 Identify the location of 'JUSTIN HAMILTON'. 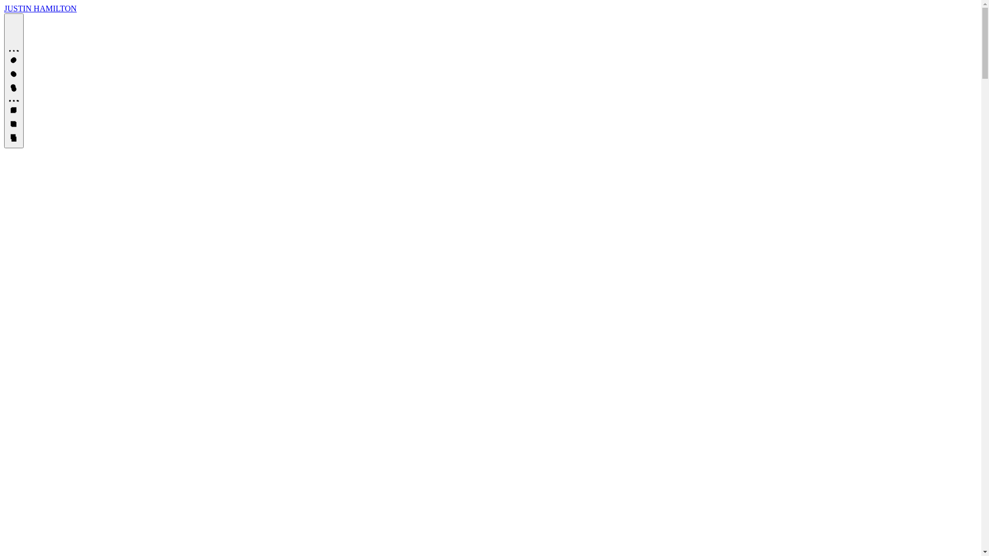
(40, 8).